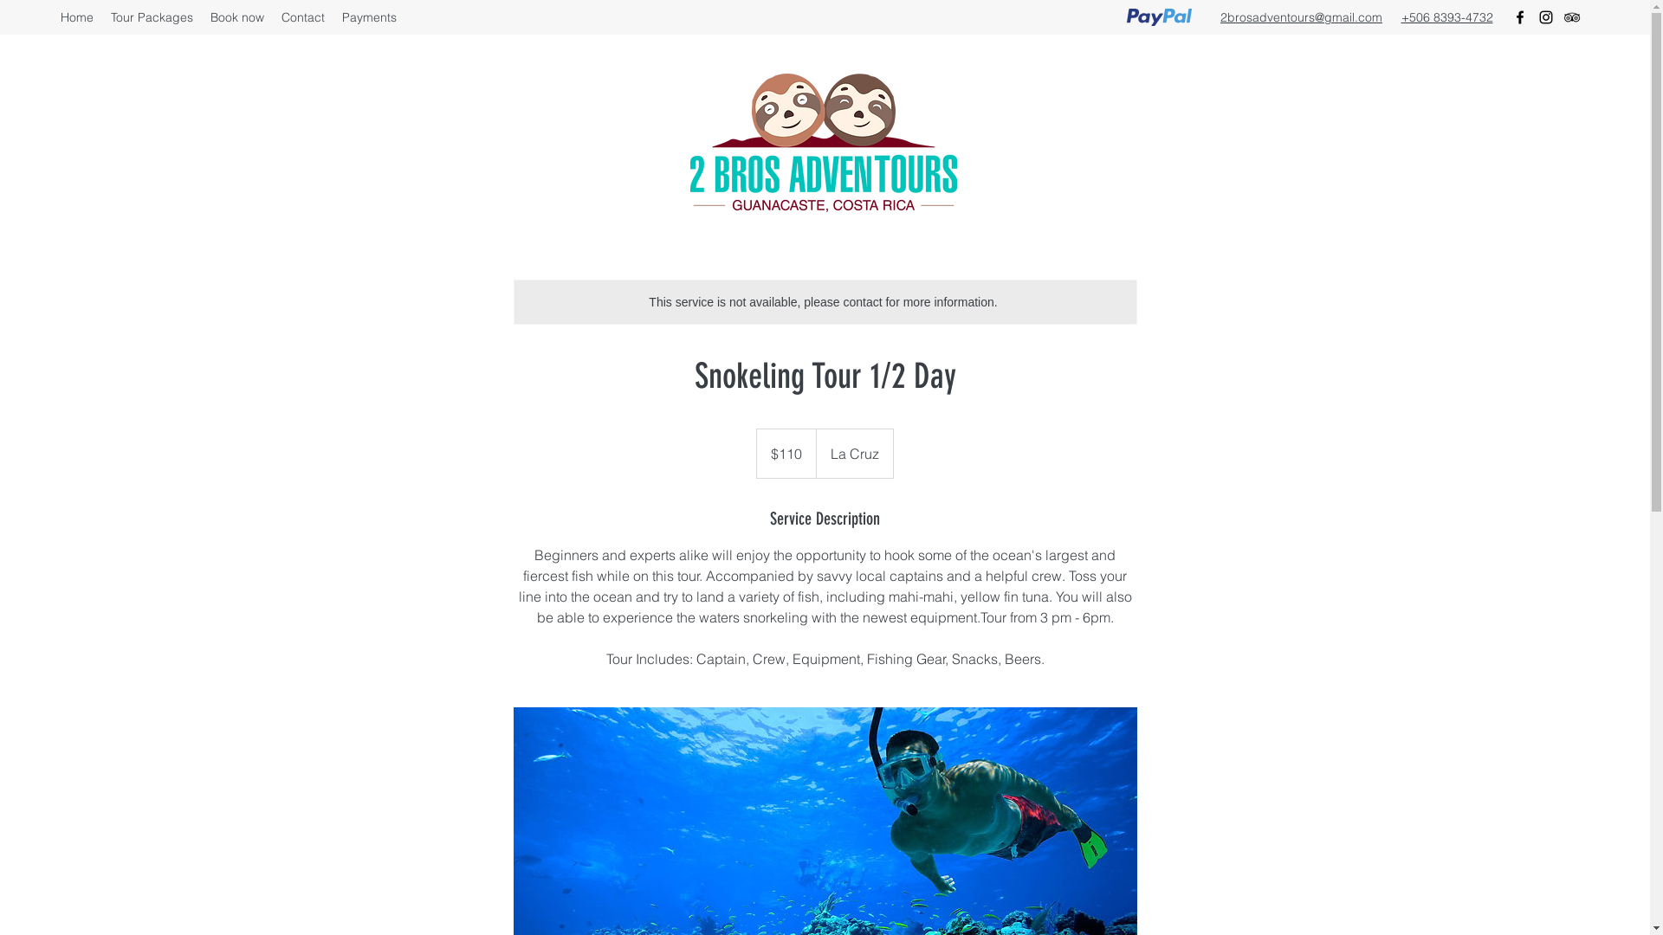  I want to click on 'Home', so click(76, 16).